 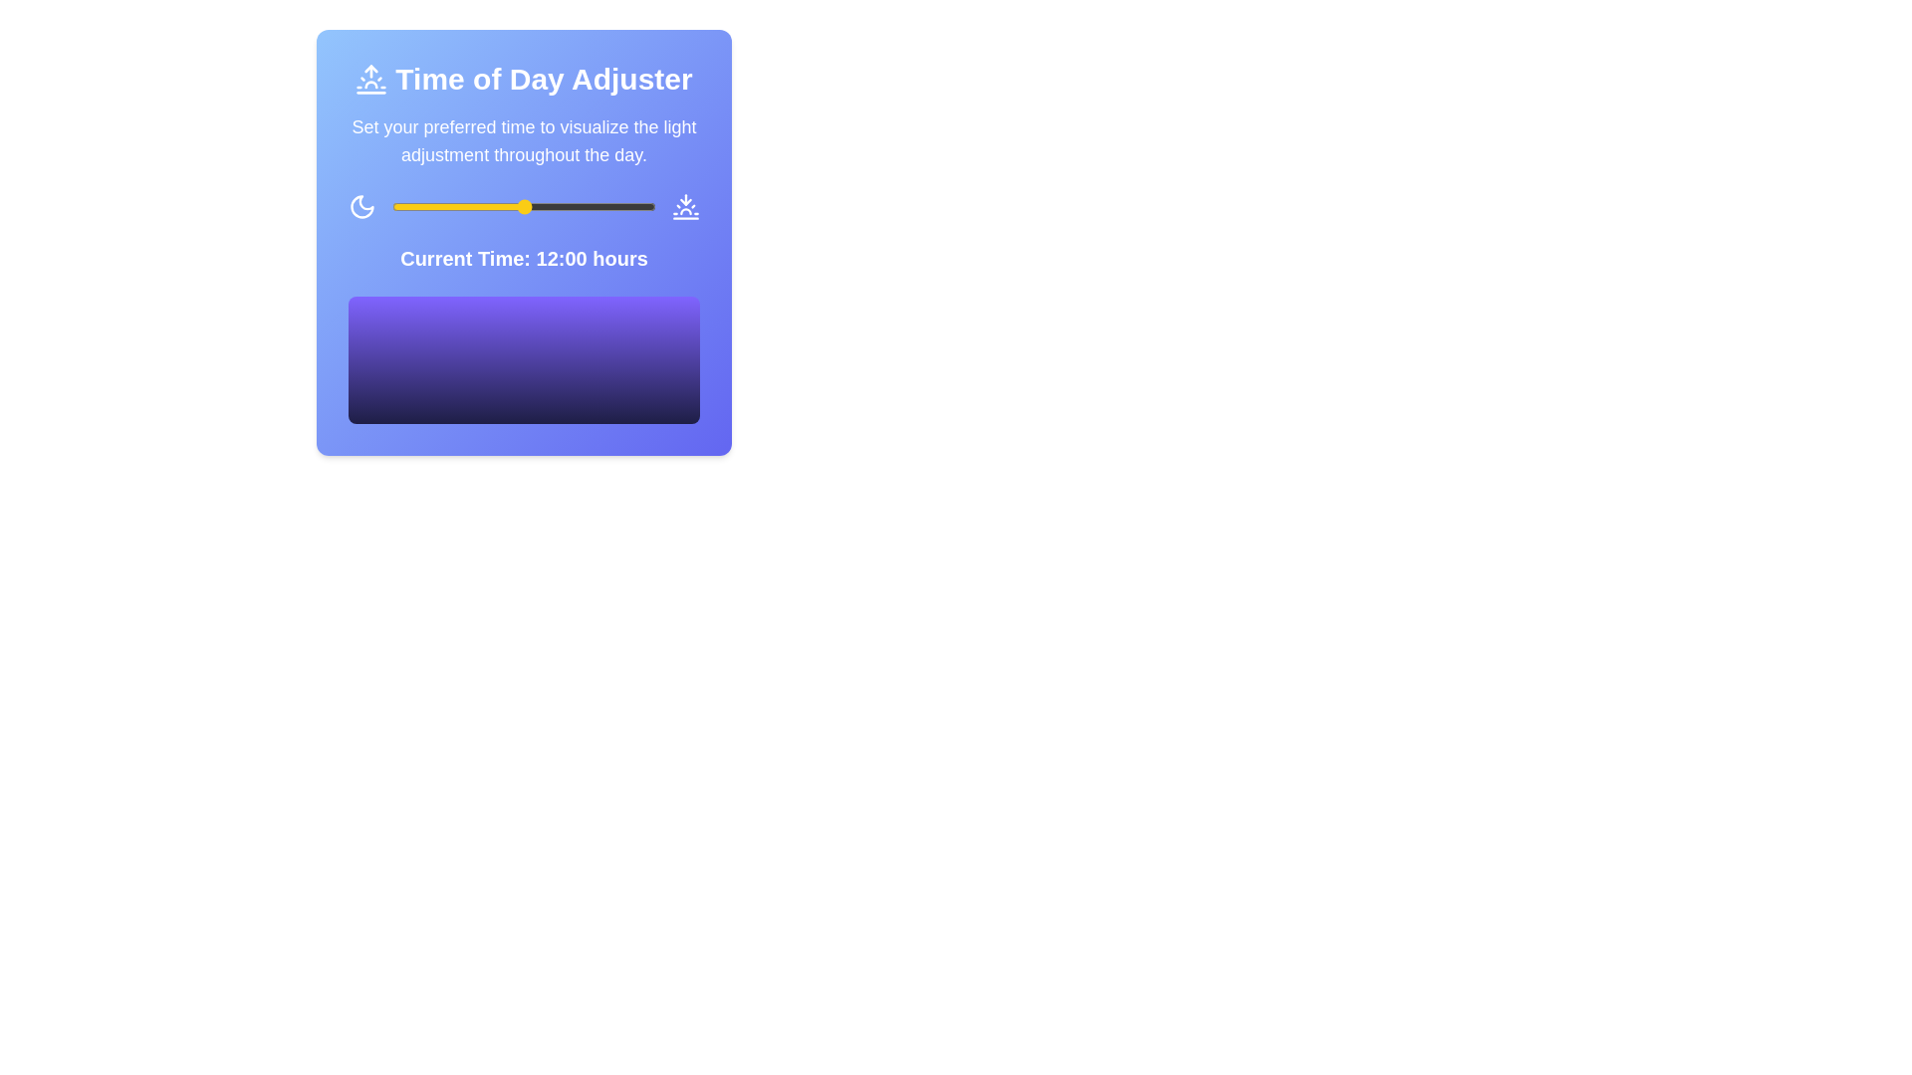 I want to click on the time slider to 1 hours to observe the gradient visualization, so click(x=402, y=207).